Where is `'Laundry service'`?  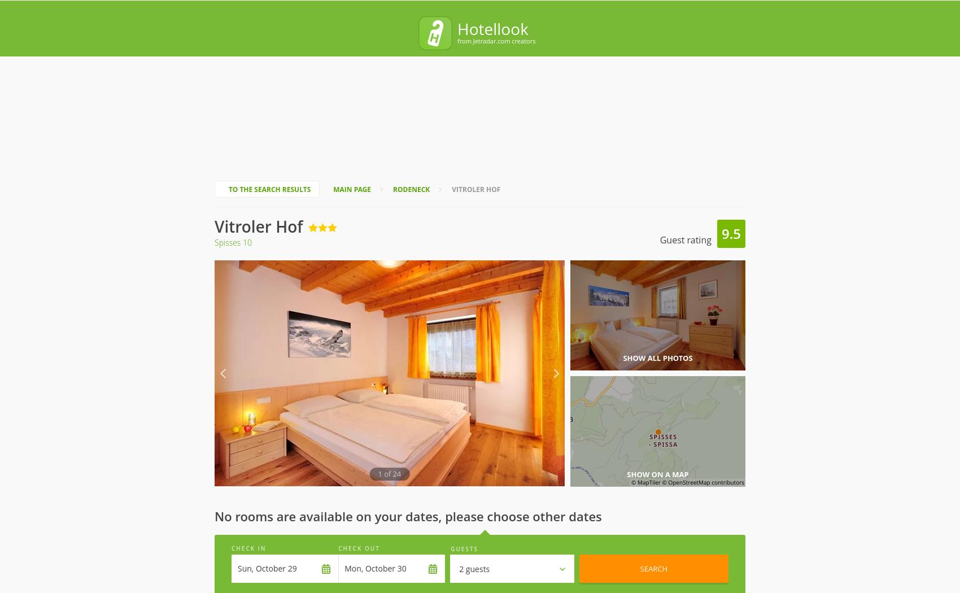 'Laundry service' is located at coordinates (382, 389).